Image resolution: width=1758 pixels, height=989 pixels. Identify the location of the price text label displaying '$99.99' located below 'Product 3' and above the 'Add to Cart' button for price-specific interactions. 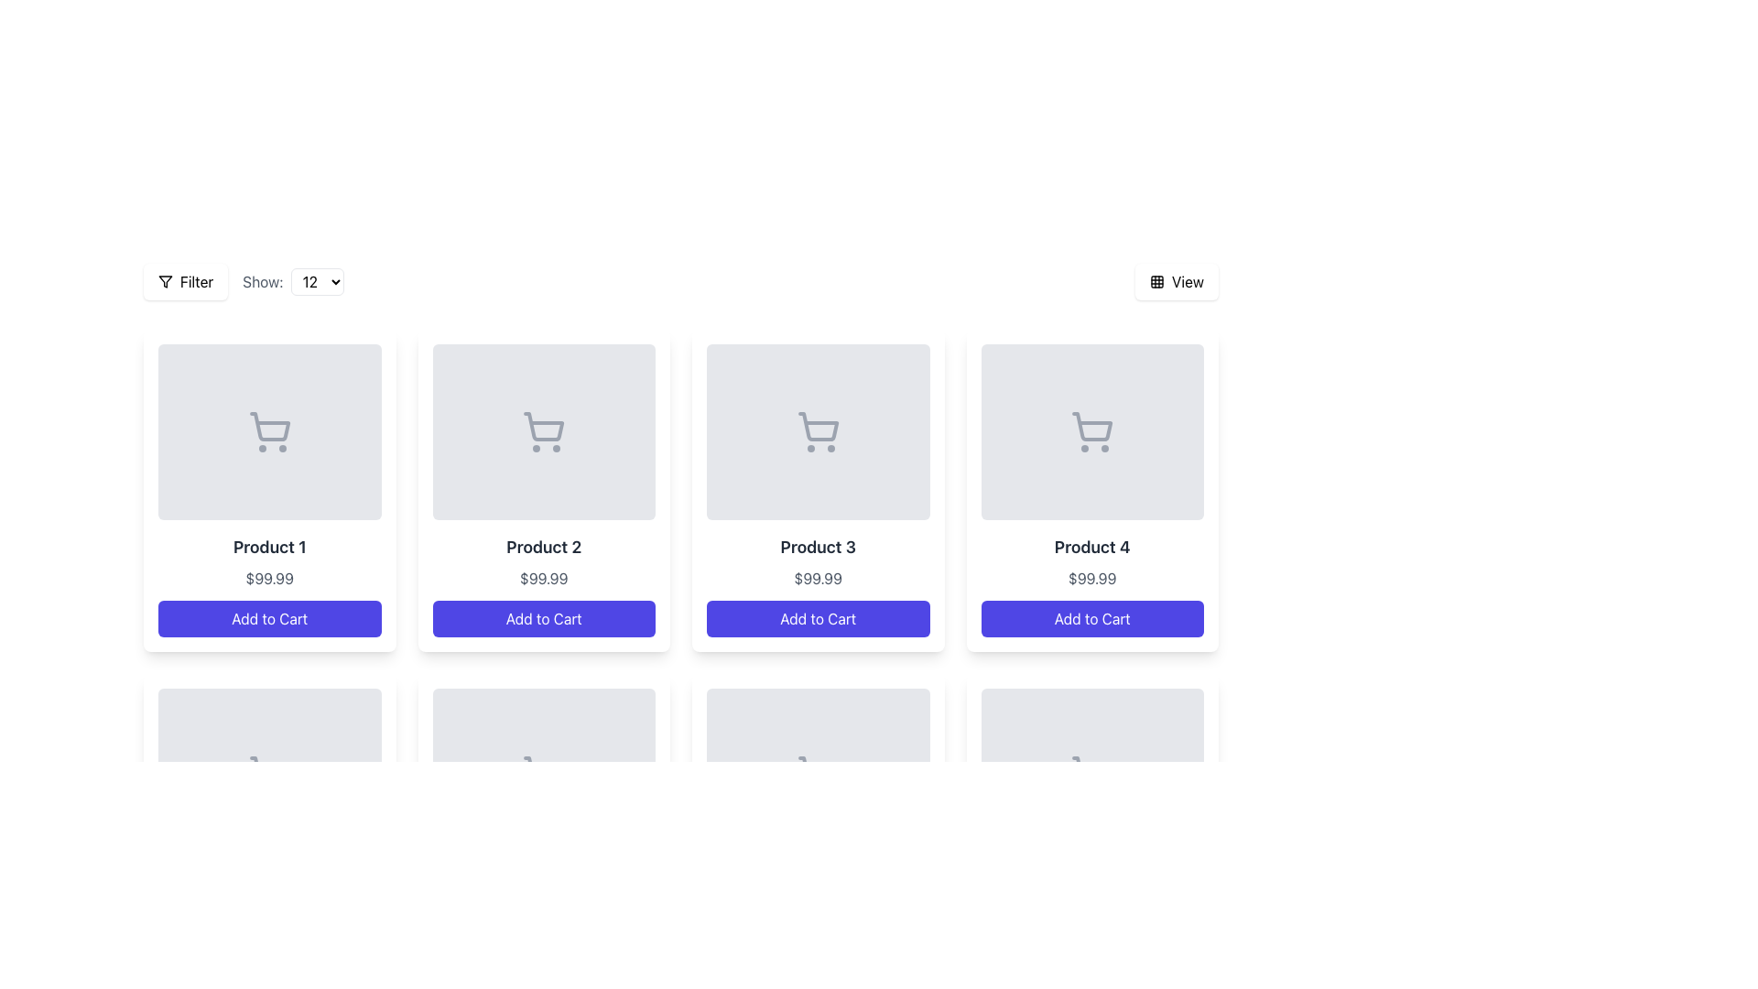
(817, 579).